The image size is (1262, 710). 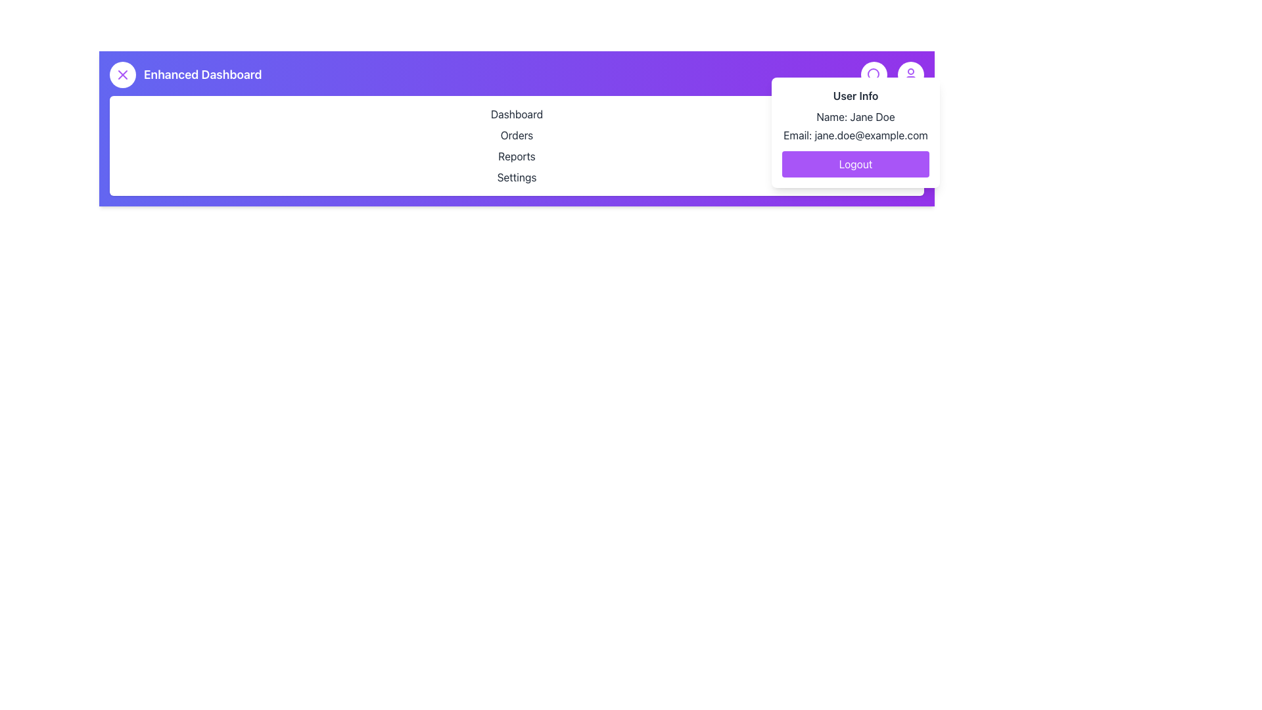 I want to click on the 'Settings' text link located beneath 'Reports' to trigger hover effects, so click(x=516, y=177).